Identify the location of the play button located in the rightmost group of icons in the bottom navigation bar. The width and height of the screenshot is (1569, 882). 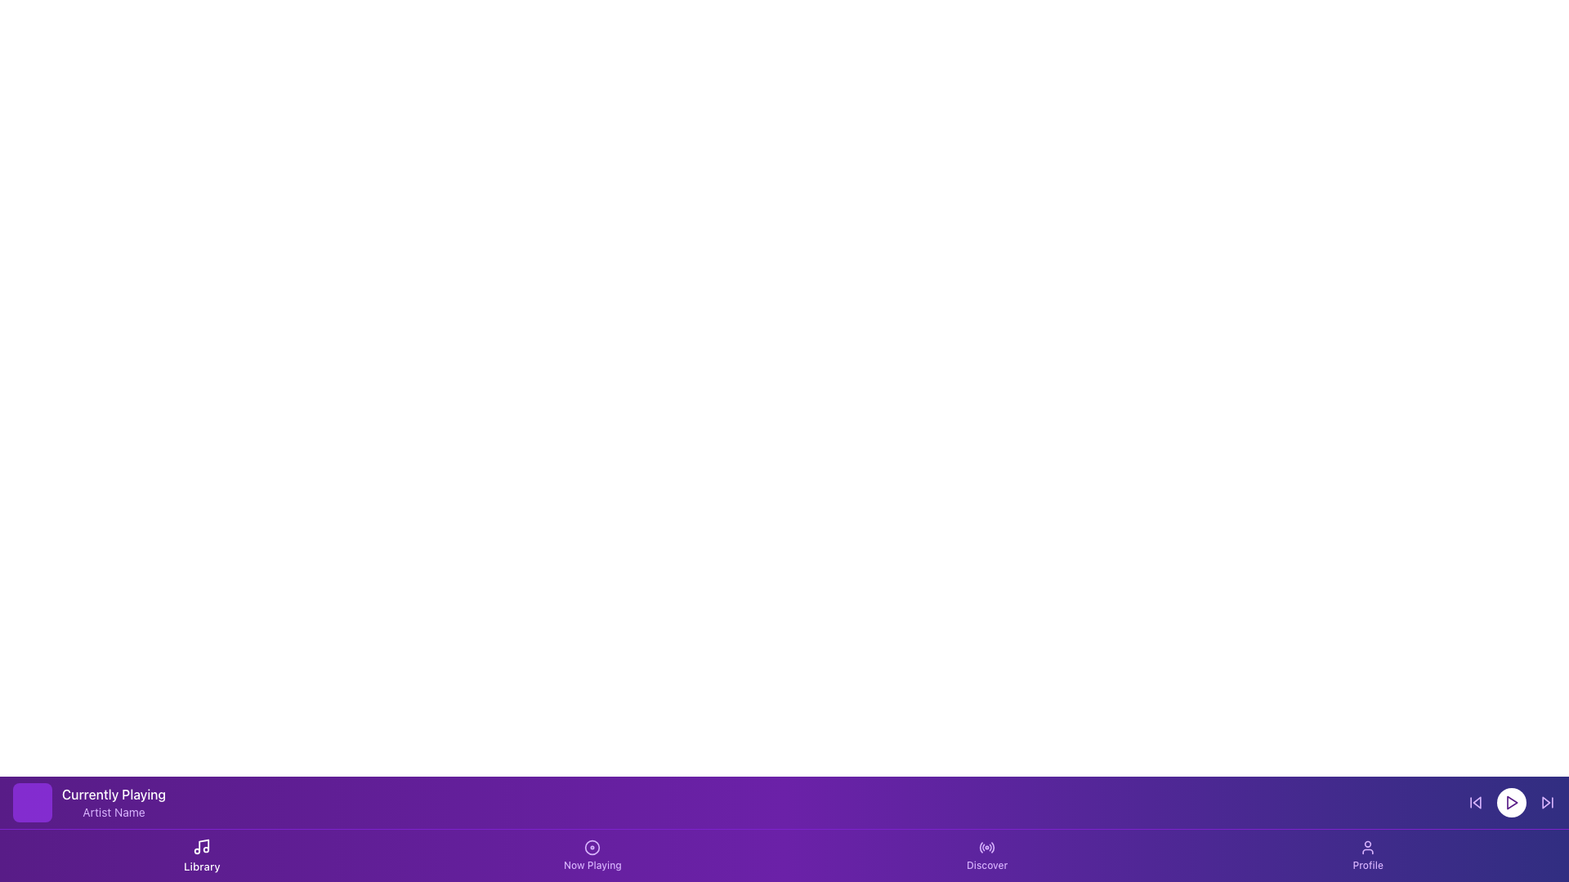
(1510, 802).